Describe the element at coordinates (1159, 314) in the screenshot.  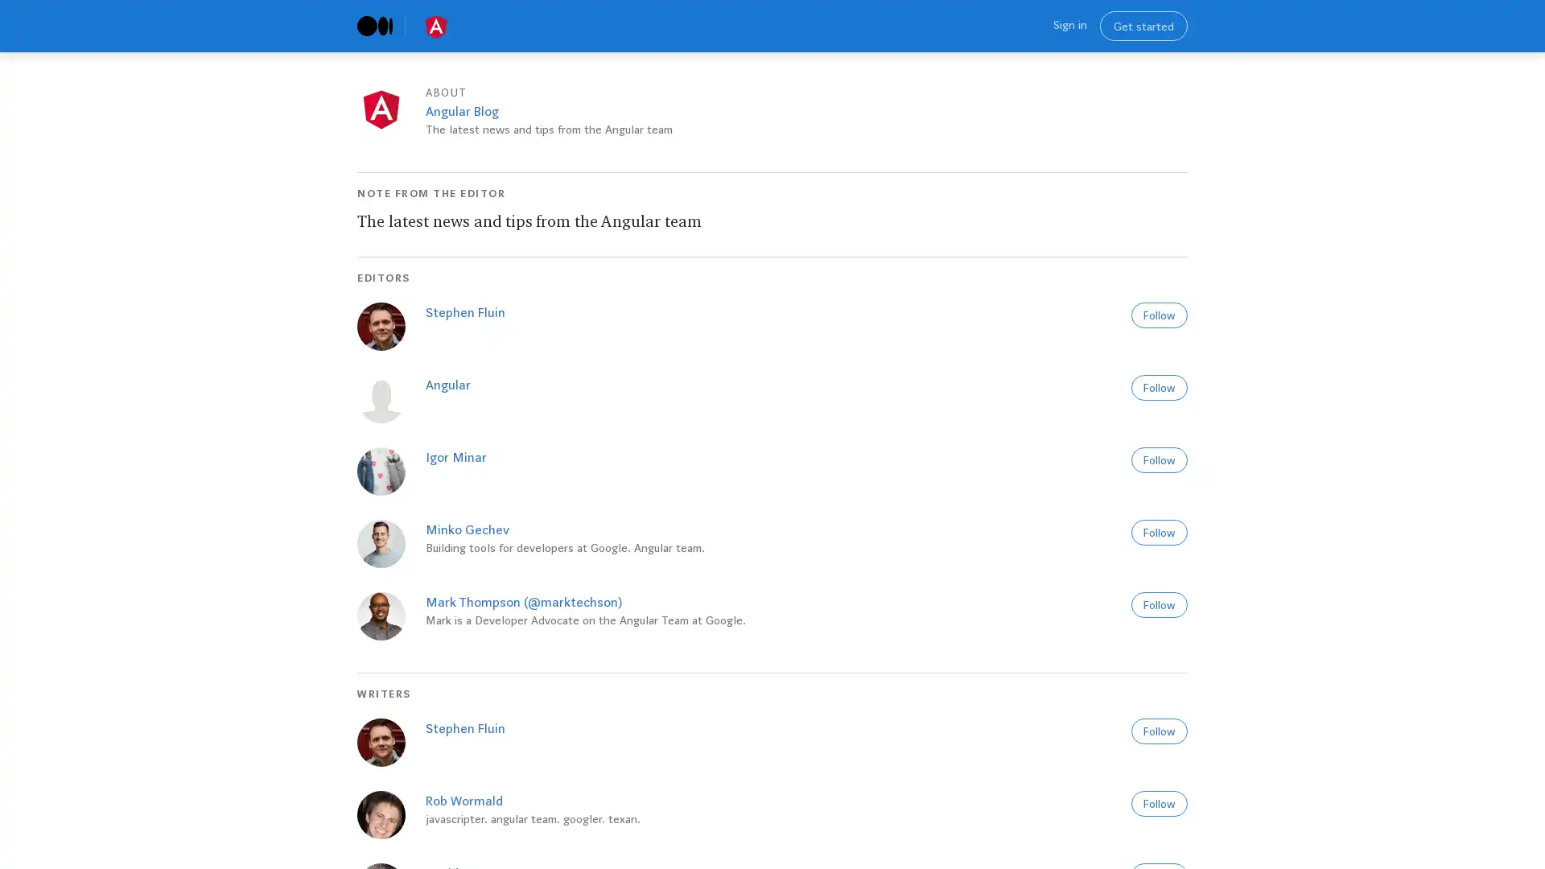
I see `Follow to get new stories and recommendations from this author` at that location.